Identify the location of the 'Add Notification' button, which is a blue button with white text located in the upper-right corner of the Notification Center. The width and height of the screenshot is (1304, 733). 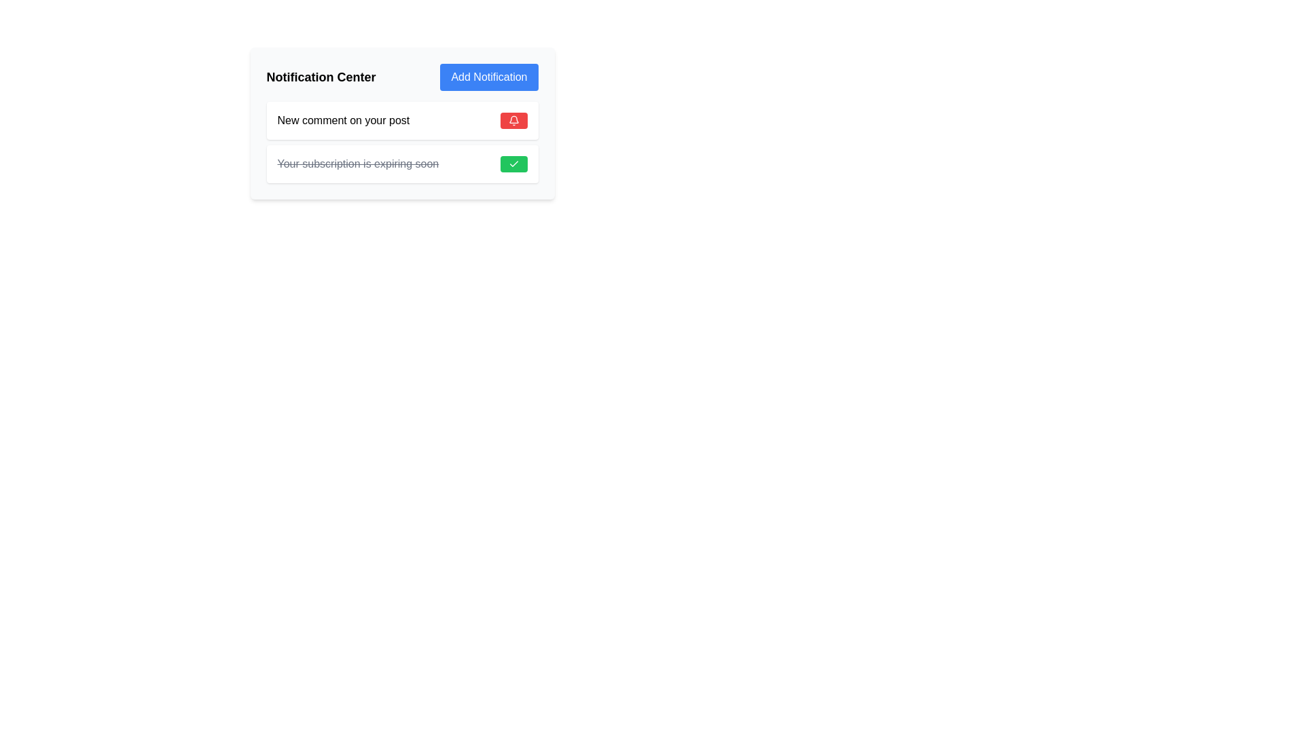
(489, 77).